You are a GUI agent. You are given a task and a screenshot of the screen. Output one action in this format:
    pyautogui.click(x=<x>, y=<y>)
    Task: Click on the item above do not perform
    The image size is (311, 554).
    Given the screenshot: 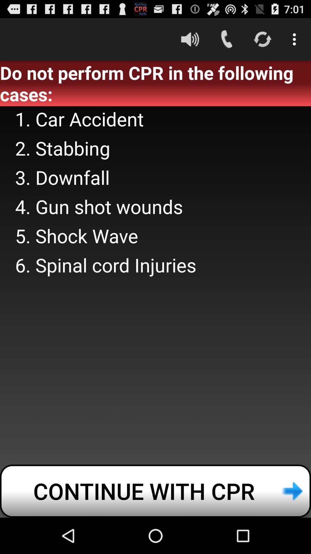 What is the action you would take?
    pyautogui.click(x=190, y=39)
    